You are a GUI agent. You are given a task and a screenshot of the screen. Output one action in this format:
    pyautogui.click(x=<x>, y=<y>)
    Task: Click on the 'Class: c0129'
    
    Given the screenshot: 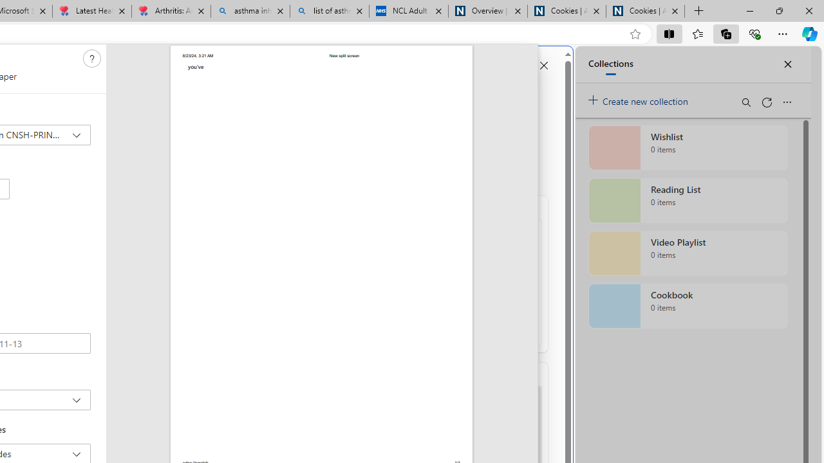 What is the action you would take?
    pyautogui.click(x=91, y=59)
    